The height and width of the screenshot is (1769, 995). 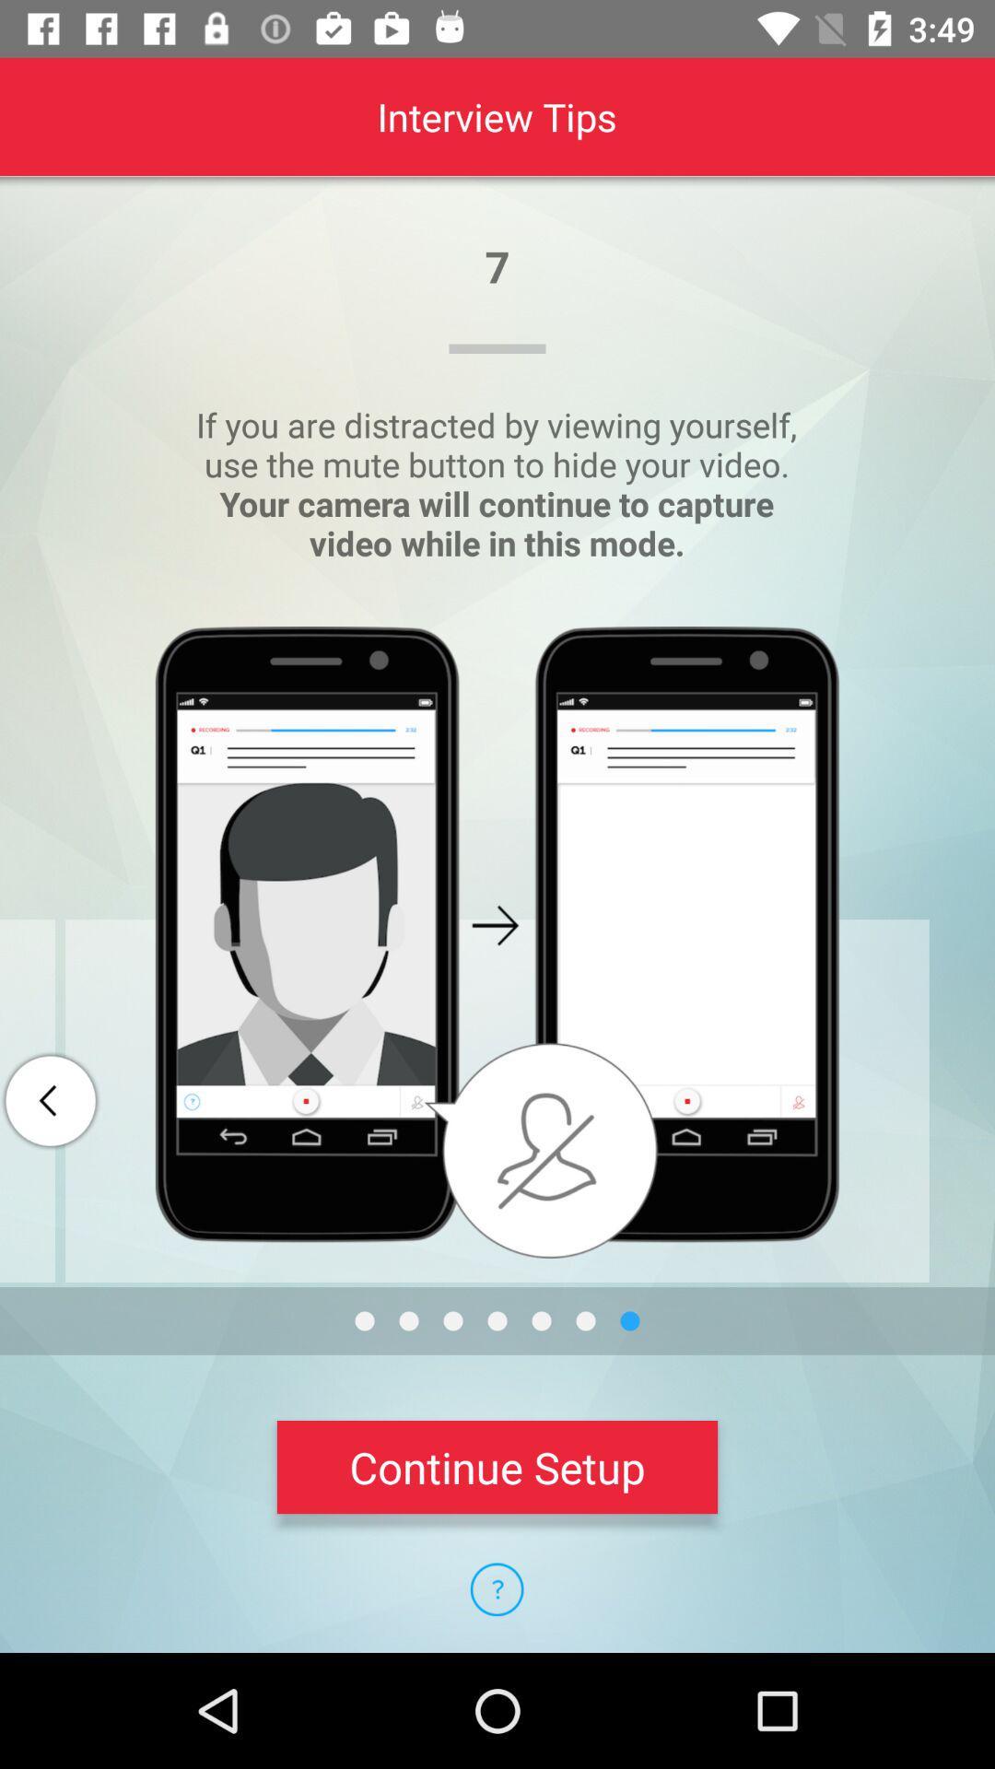 I want to click on the help icon, so click(x=496, y=1588).